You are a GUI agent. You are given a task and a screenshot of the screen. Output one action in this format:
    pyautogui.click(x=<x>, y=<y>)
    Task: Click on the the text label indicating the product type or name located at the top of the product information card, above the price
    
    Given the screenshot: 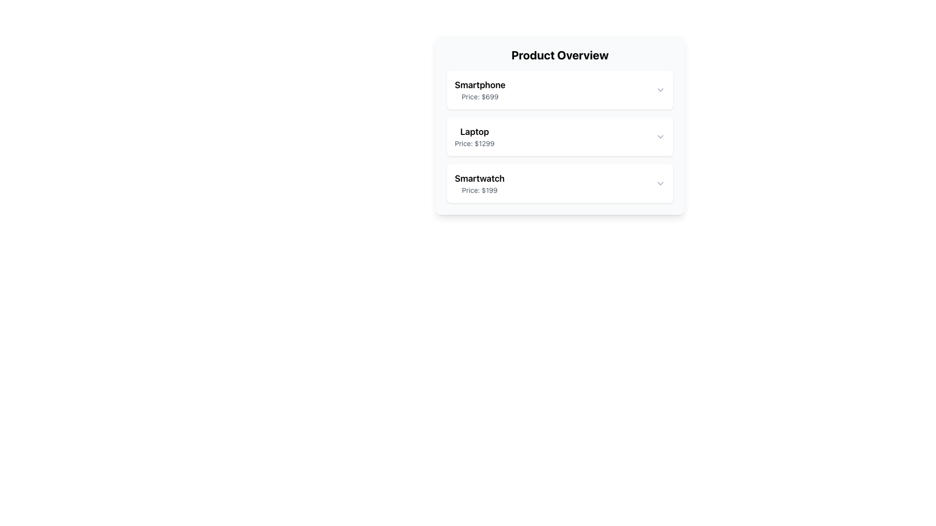 What is the action you would take?
    pyautogui.click(x=480, y=84)
    